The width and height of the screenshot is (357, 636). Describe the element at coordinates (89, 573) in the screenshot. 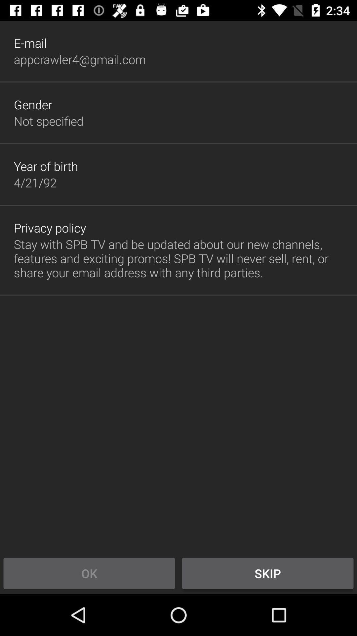

I see `item to the left of skip icon` at that location.